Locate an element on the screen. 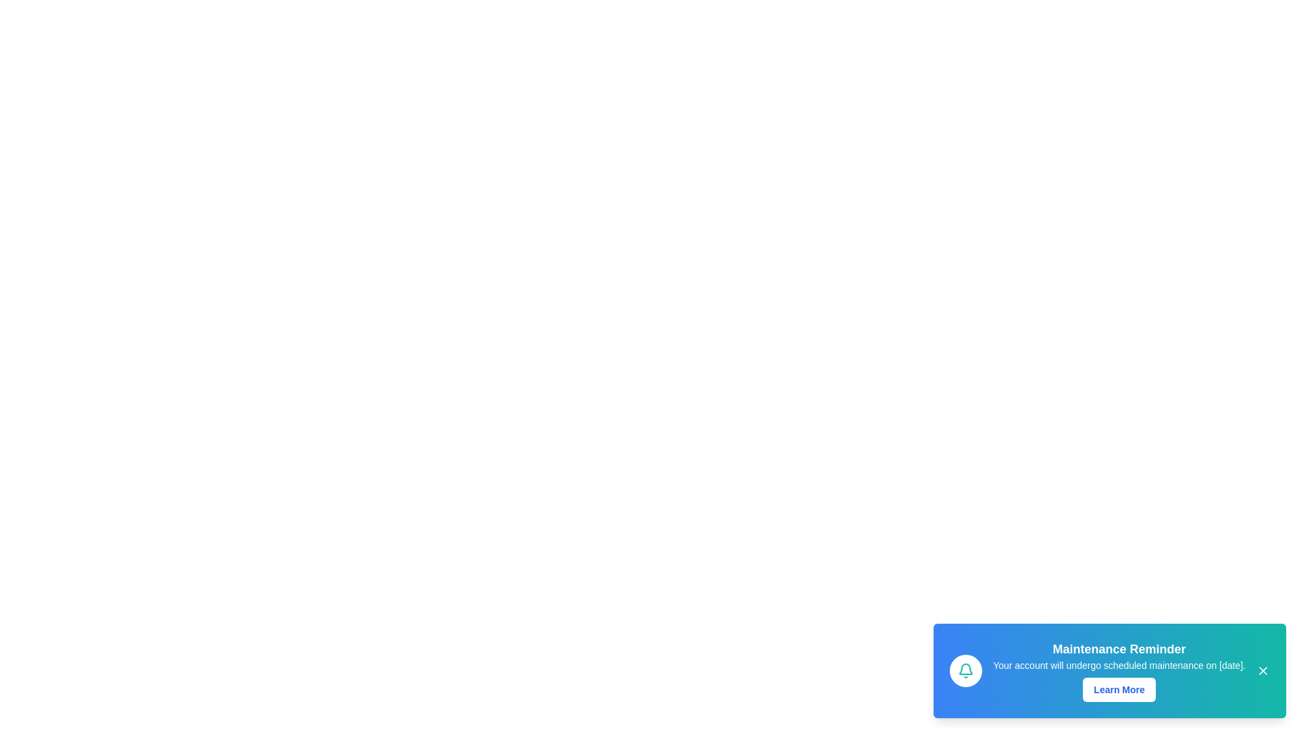  the 'Learn More' button, which is a rectangular button with rounded edges and a white background, located at the bottom of a notification card titled 'Maintenance Reminder' is located at coordinates (1119, 690).